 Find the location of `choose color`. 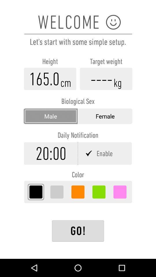

choose color is located at coordinates (78, 192).